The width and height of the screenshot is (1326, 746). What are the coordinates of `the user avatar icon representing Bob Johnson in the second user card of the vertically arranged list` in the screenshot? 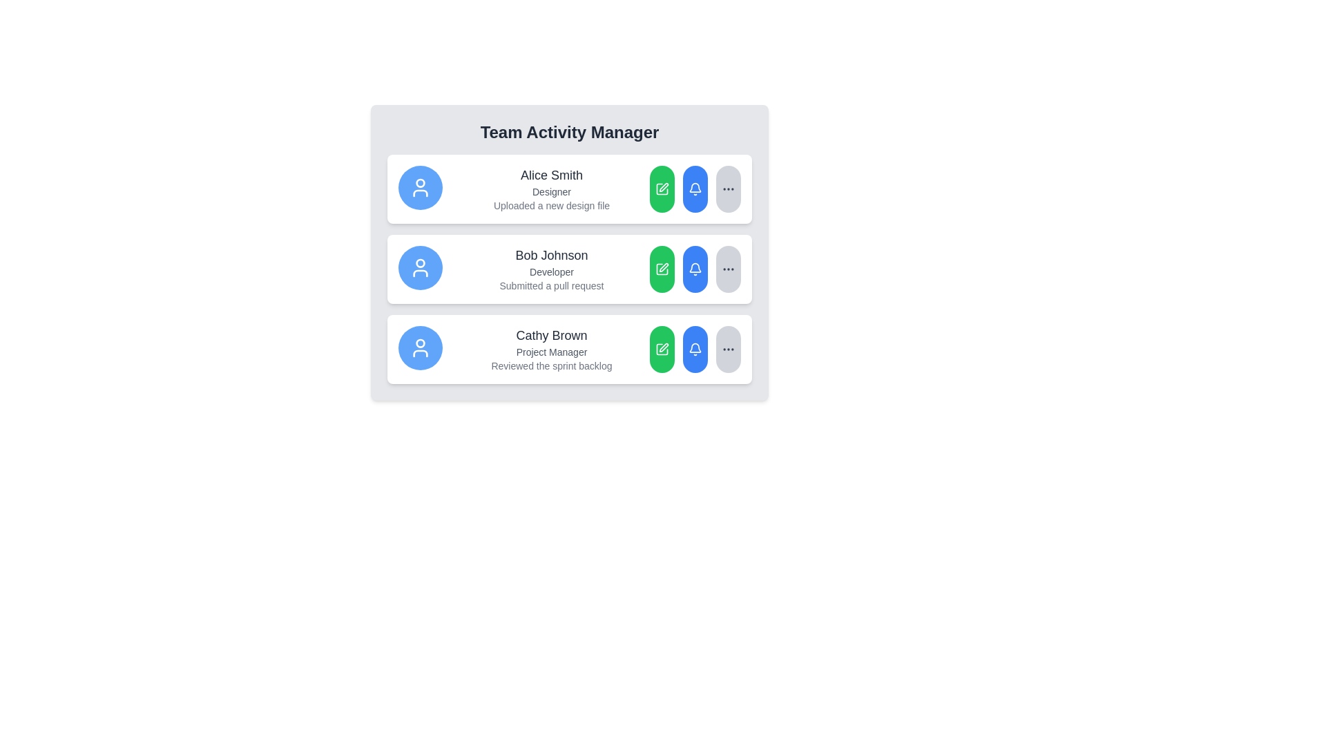 It's located at (420, 268).